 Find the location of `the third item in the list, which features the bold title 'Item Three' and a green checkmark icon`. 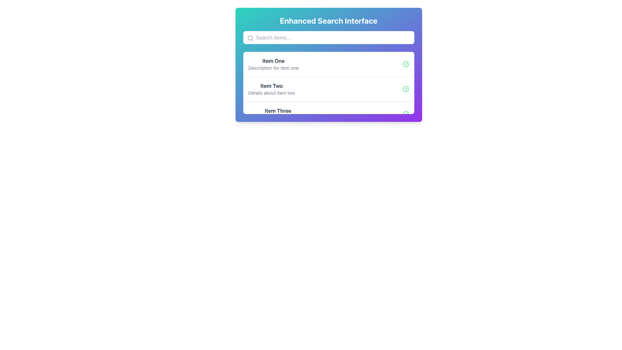

the third item in the list, which features the bold title 'Item Three' and a green checkmark icon is located at coordinates (328, 113).